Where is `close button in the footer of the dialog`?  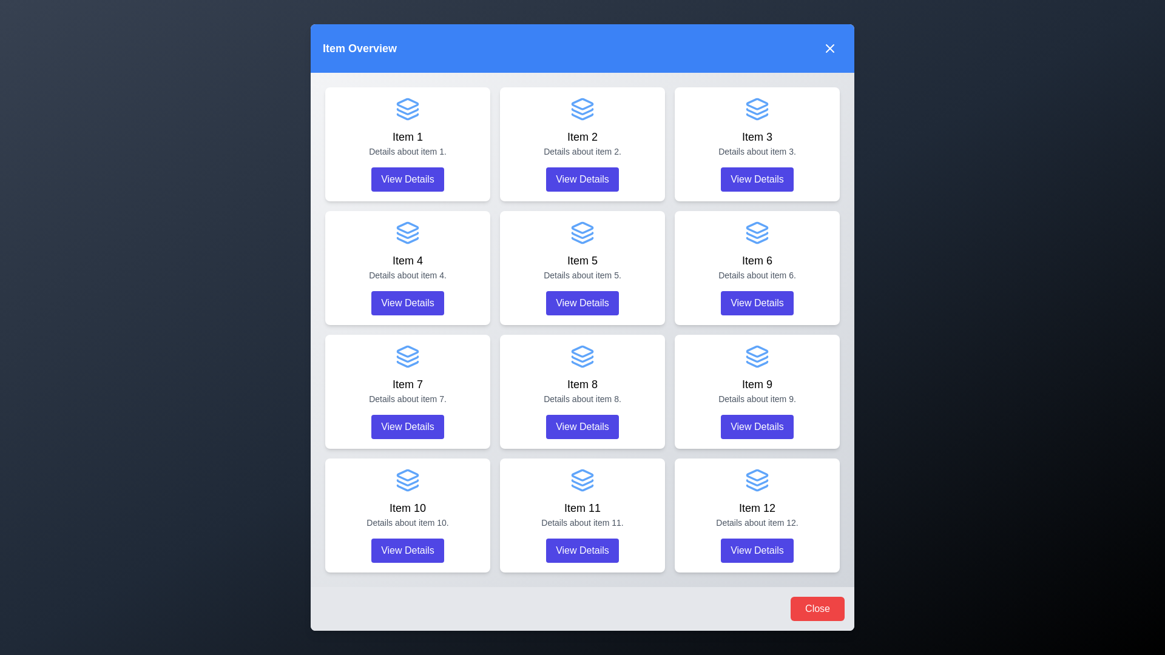 close button in the footer of the dialog is located at coordinates (817, 608).